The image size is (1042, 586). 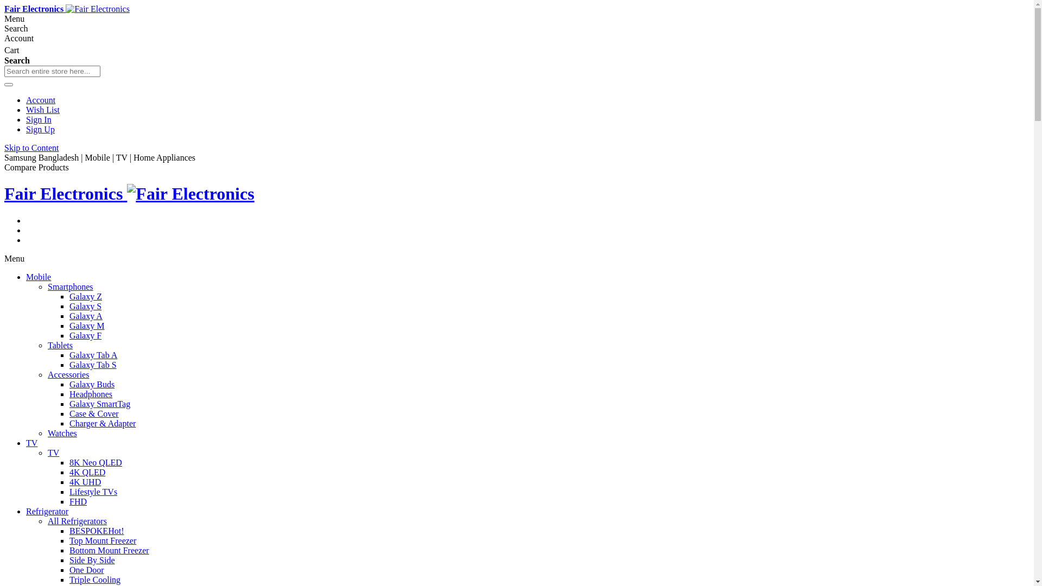 What do you see at coordinates (59, 345) in the screenshot?
I see `'Tablets'` at bounding box center [59, 345].